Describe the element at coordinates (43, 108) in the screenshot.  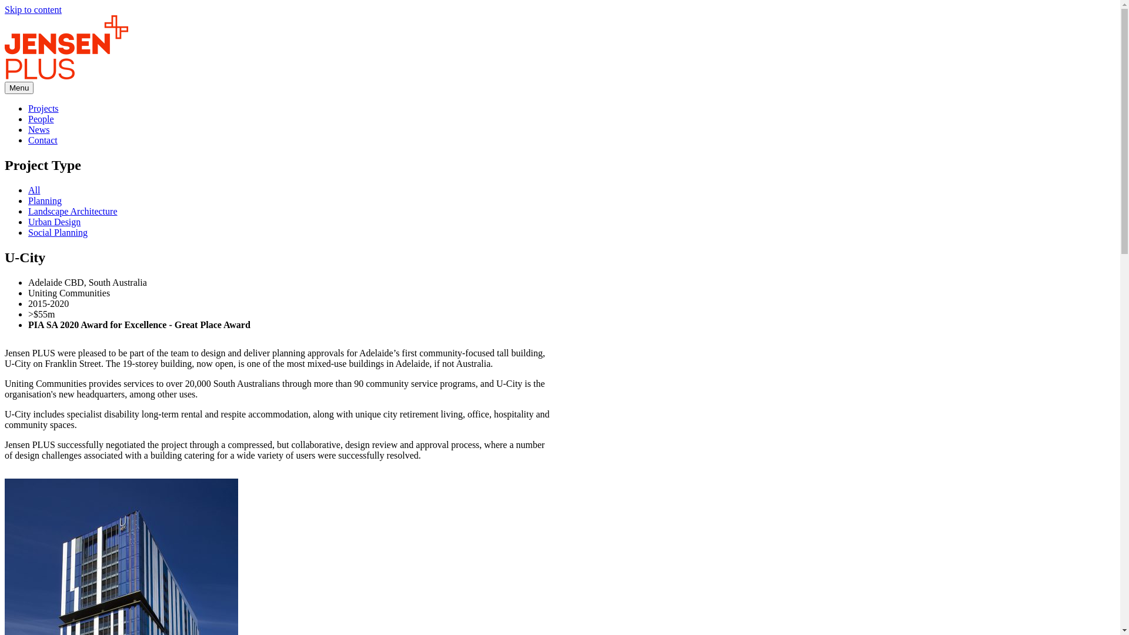
I see `'Projects'` at that location.